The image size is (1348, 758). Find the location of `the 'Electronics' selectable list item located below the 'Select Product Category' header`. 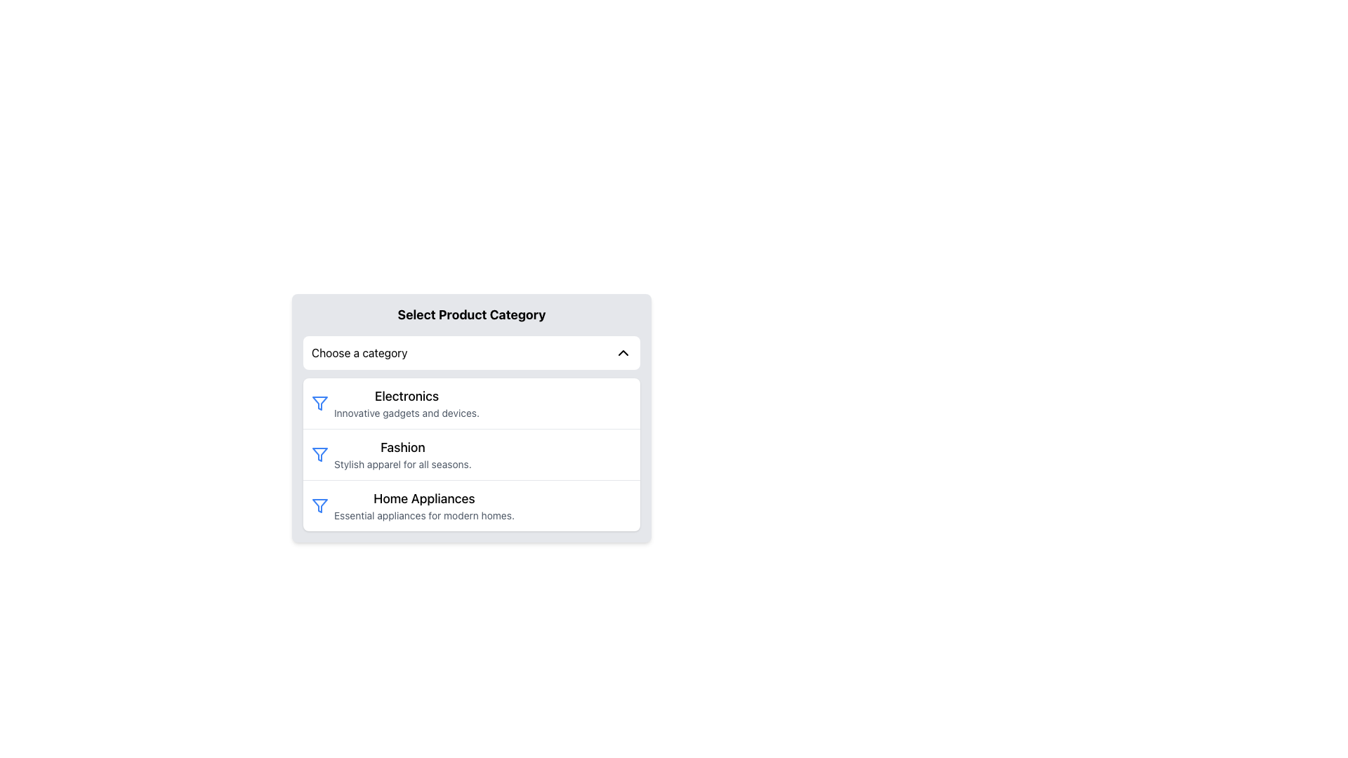

the 'Electronics' selectable list item located below the 'Select Product Category' header is located at coordinates (406, 403).